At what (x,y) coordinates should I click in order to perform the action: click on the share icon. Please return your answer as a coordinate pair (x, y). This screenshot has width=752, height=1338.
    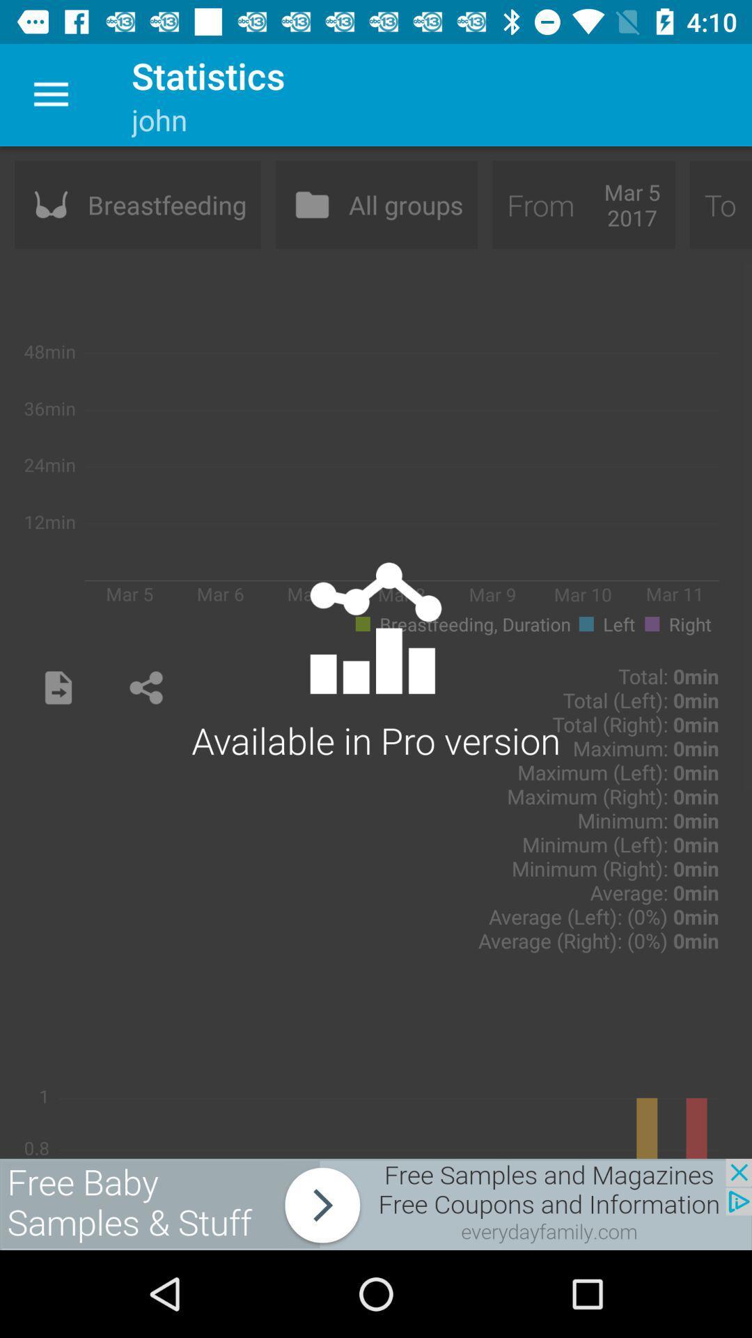
    Looking at the image, I should click on (146, 688).